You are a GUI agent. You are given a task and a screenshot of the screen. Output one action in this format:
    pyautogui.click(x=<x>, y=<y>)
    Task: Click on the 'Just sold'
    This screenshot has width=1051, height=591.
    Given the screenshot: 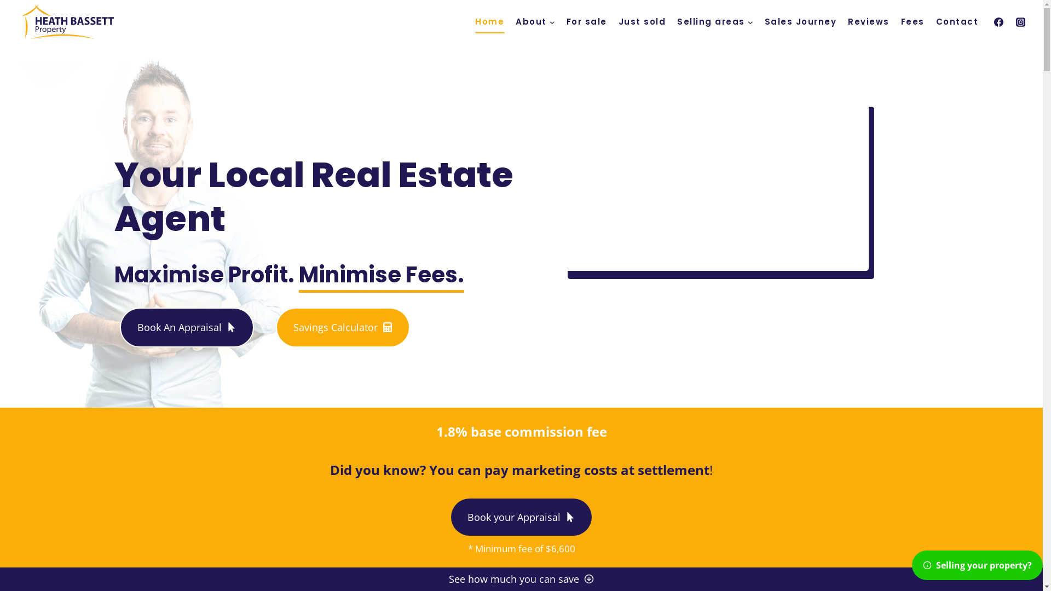 What is the action you would take?
    pyautogui.click(x=642, y=21)
    